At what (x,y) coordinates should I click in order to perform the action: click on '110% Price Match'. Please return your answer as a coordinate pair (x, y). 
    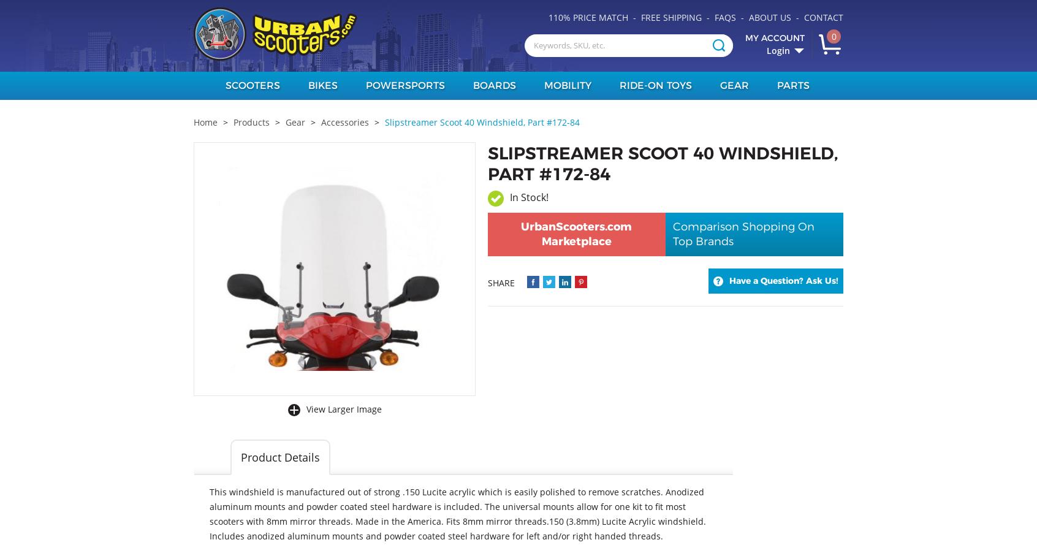
    Looking at the image, I should click on (588, 17).